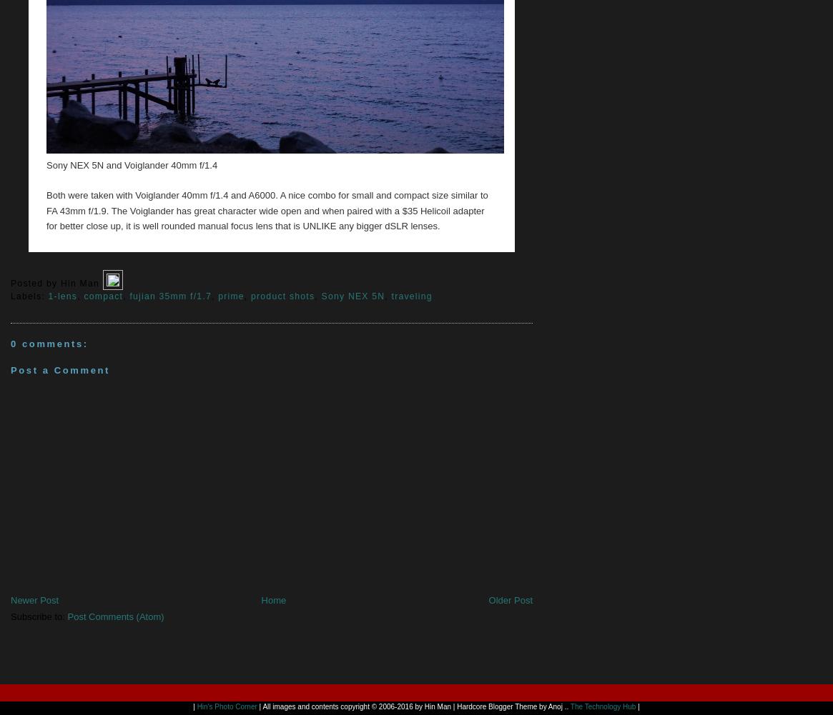 This screenshot has height=715, width=833. Describe the element at coordinates (225, 706) in the screenshot. I see `'Hin's Photo Corner'` at that location.